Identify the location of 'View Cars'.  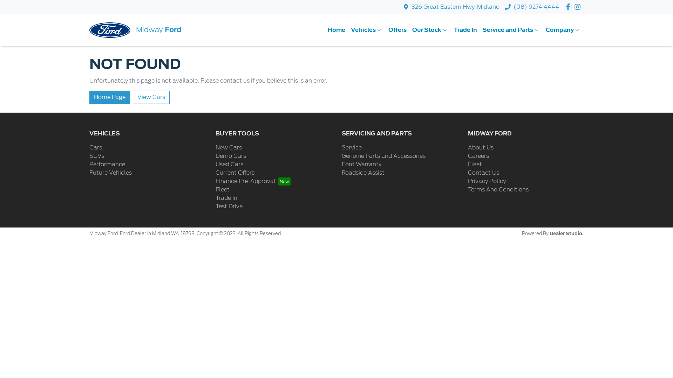
(133, 97).